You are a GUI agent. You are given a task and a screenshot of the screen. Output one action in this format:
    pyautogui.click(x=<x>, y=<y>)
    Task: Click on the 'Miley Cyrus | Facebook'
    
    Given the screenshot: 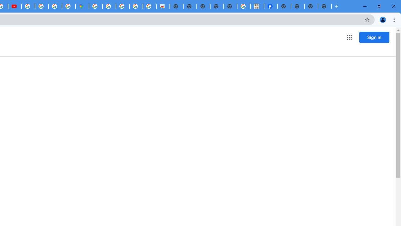 What is the action you would take?
    pyautogui.click(x=271, y=6)
    